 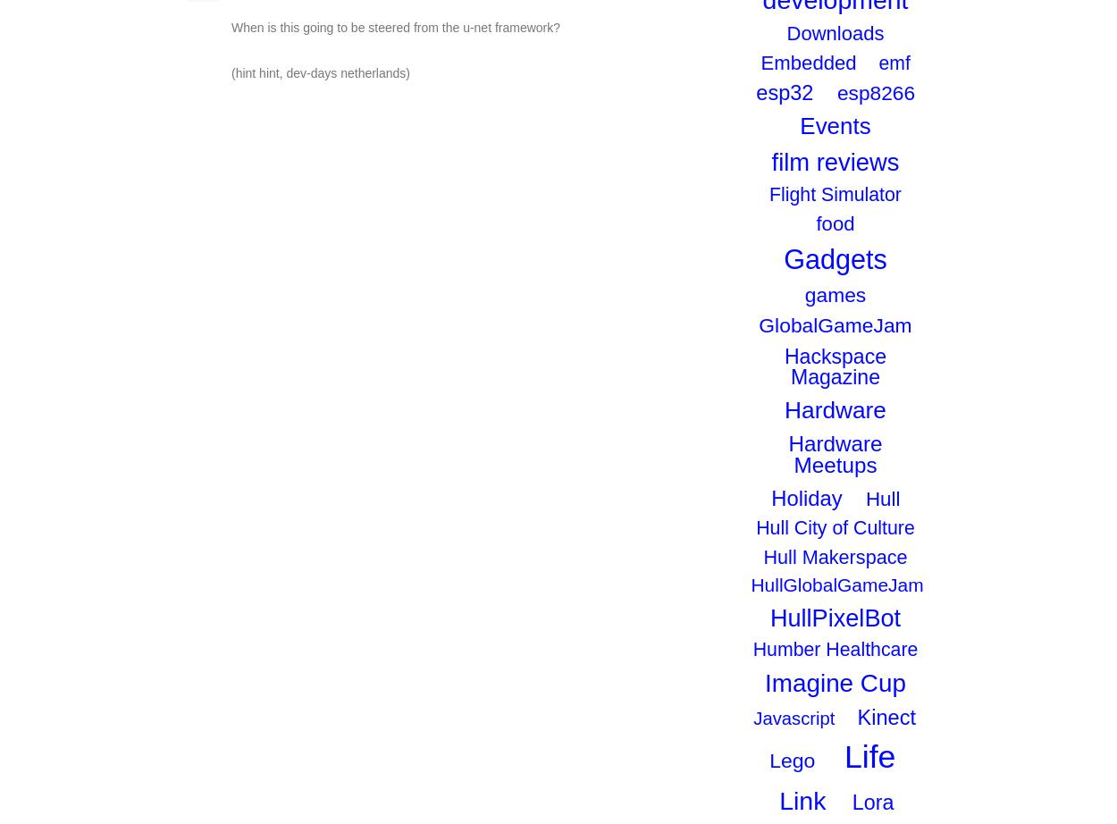 What do you see at coordinates (804, 293) in the screenshot?
I see `'games'` at bounding box center [804, 293].